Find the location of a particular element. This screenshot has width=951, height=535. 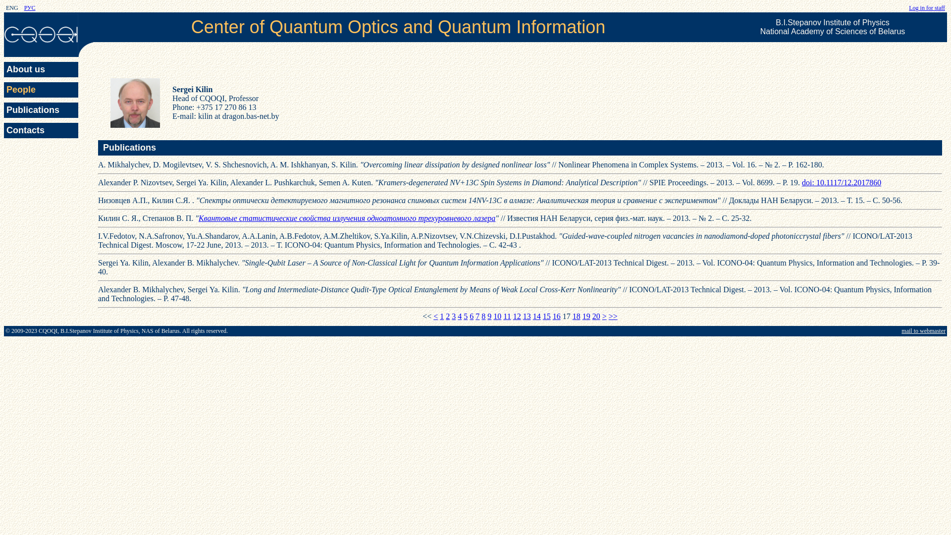

'16' is located at coordinates (552, 316).